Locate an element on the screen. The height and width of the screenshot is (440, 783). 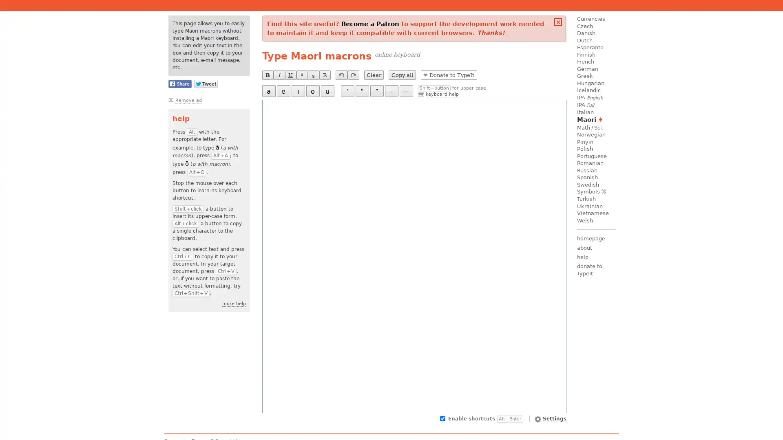
S is located at coordinates (313, 75).